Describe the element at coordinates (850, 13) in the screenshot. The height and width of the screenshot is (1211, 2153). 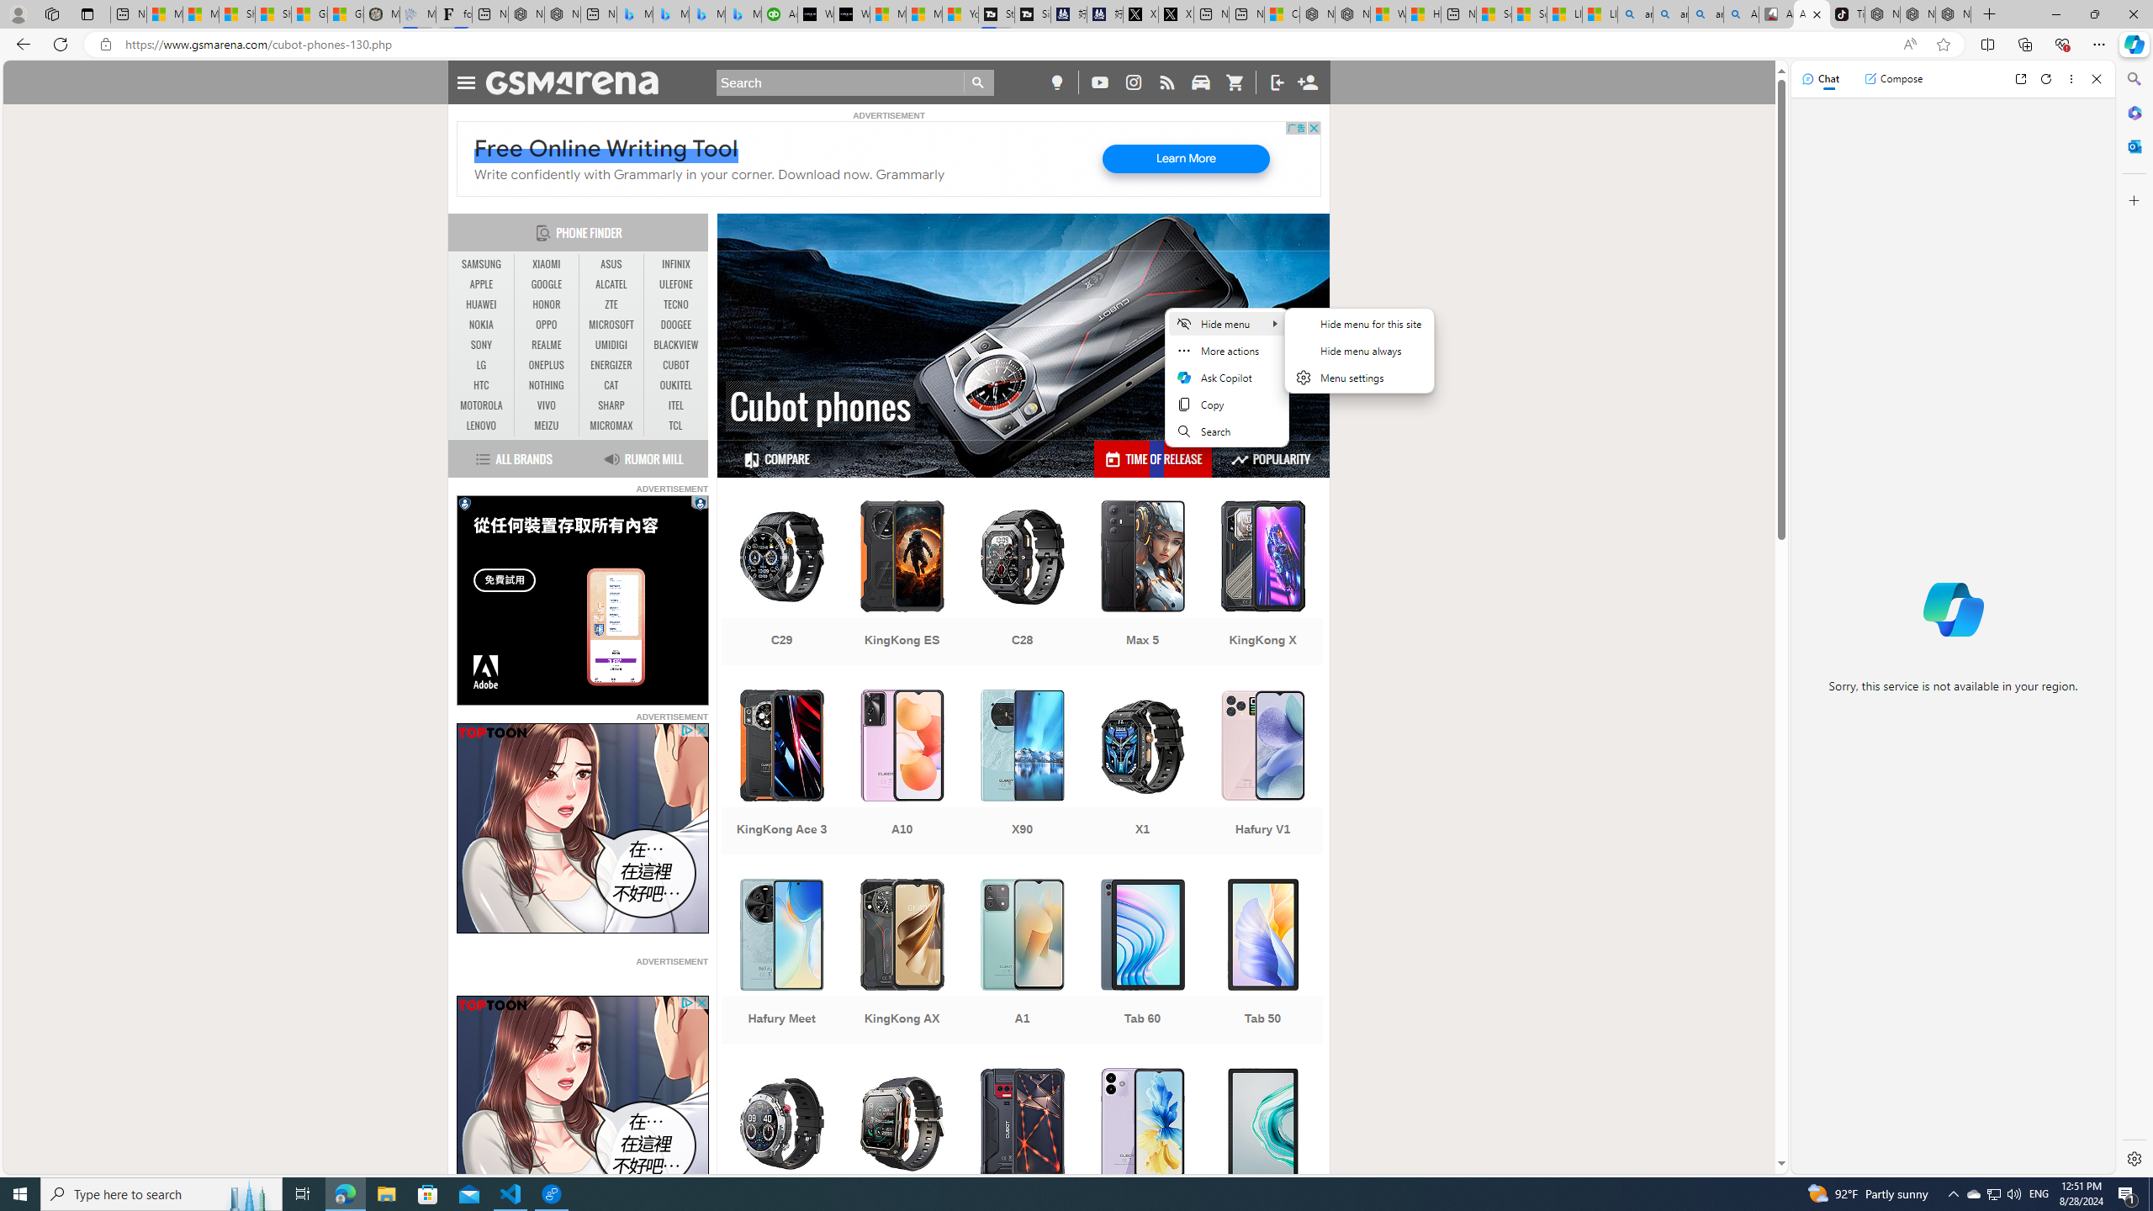
I see `'What'` at that location.